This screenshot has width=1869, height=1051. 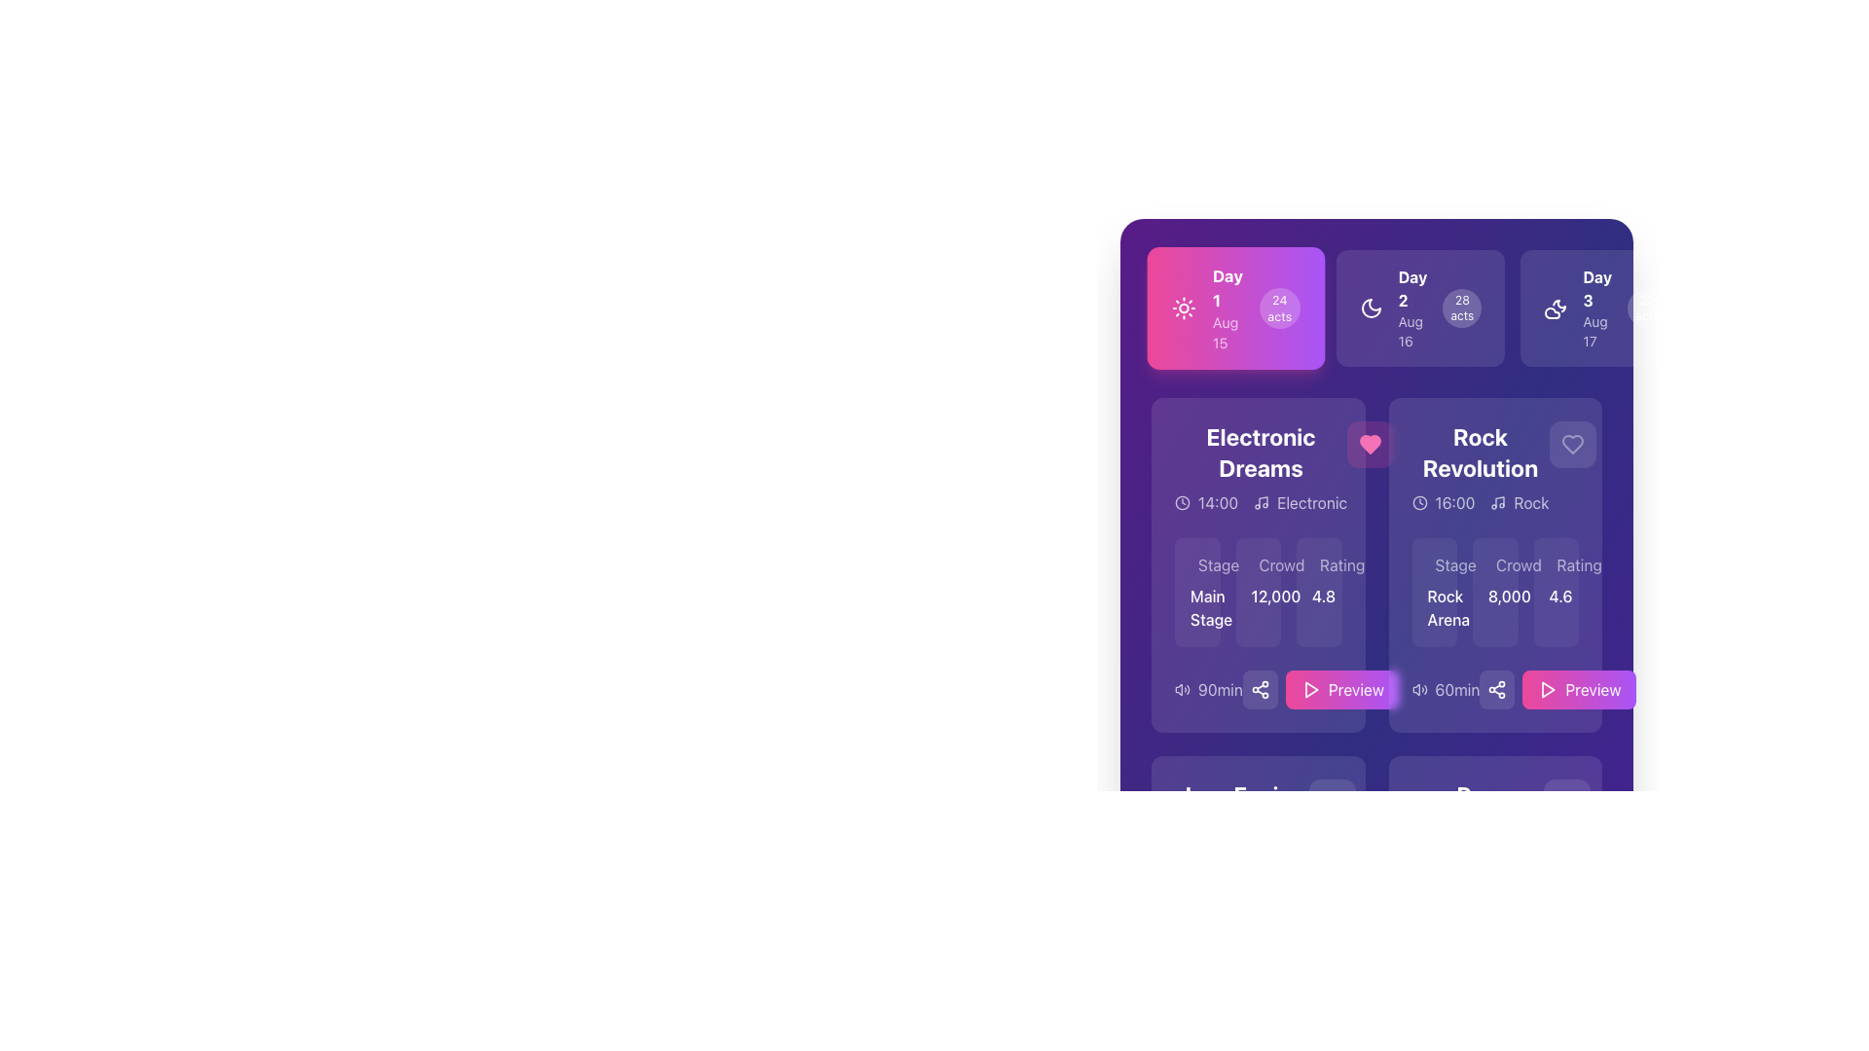 I want to click on the informational label indicating '24 acts' associated with the 'Day 1' card, located in the top-right section of the card adjacent to the title and date details, so click(x=1279, y=307).